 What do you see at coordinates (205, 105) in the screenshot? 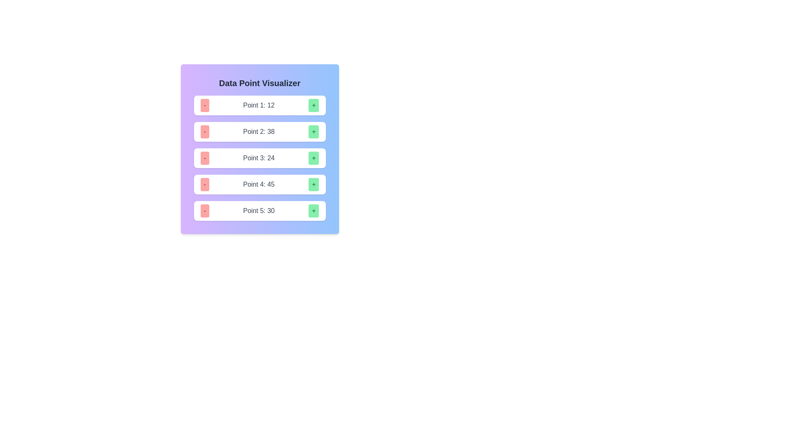
I see `the decrement button located at the leftmost position of the three interactive elements, which decreases the value displayed as 'Point 1: 12'` at bounding box center [205, 105].